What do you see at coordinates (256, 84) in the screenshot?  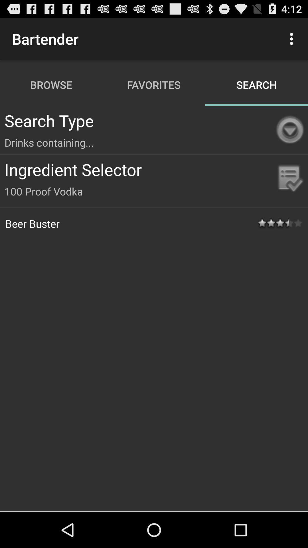 I see `search` at bounding box center [256, 84].